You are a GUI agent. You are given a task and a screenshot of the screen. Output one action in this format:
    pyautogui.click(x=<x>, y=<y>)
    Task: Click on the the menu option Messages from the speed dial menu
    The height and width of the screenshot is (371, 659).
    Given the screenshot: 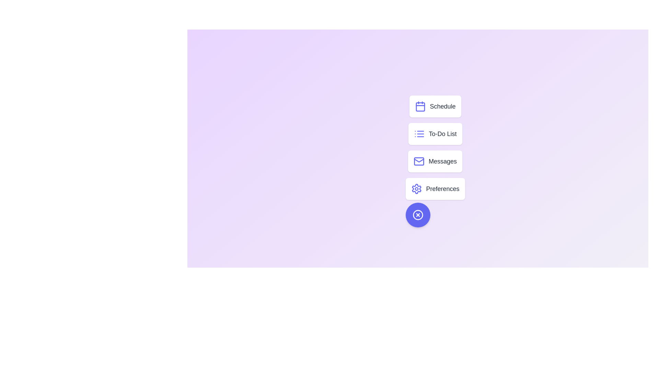 What is the action you would take?
    pyautogui.click(x=435, y=161)
    